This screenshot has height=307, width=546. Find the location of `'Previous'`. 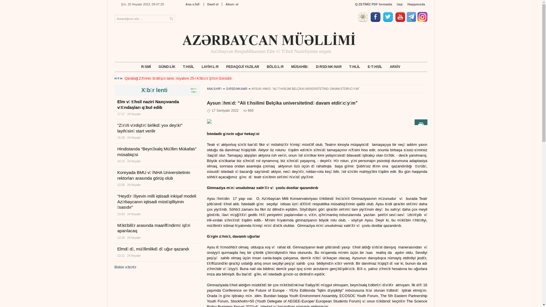

'Previous' is located at coordinates (115, 78).